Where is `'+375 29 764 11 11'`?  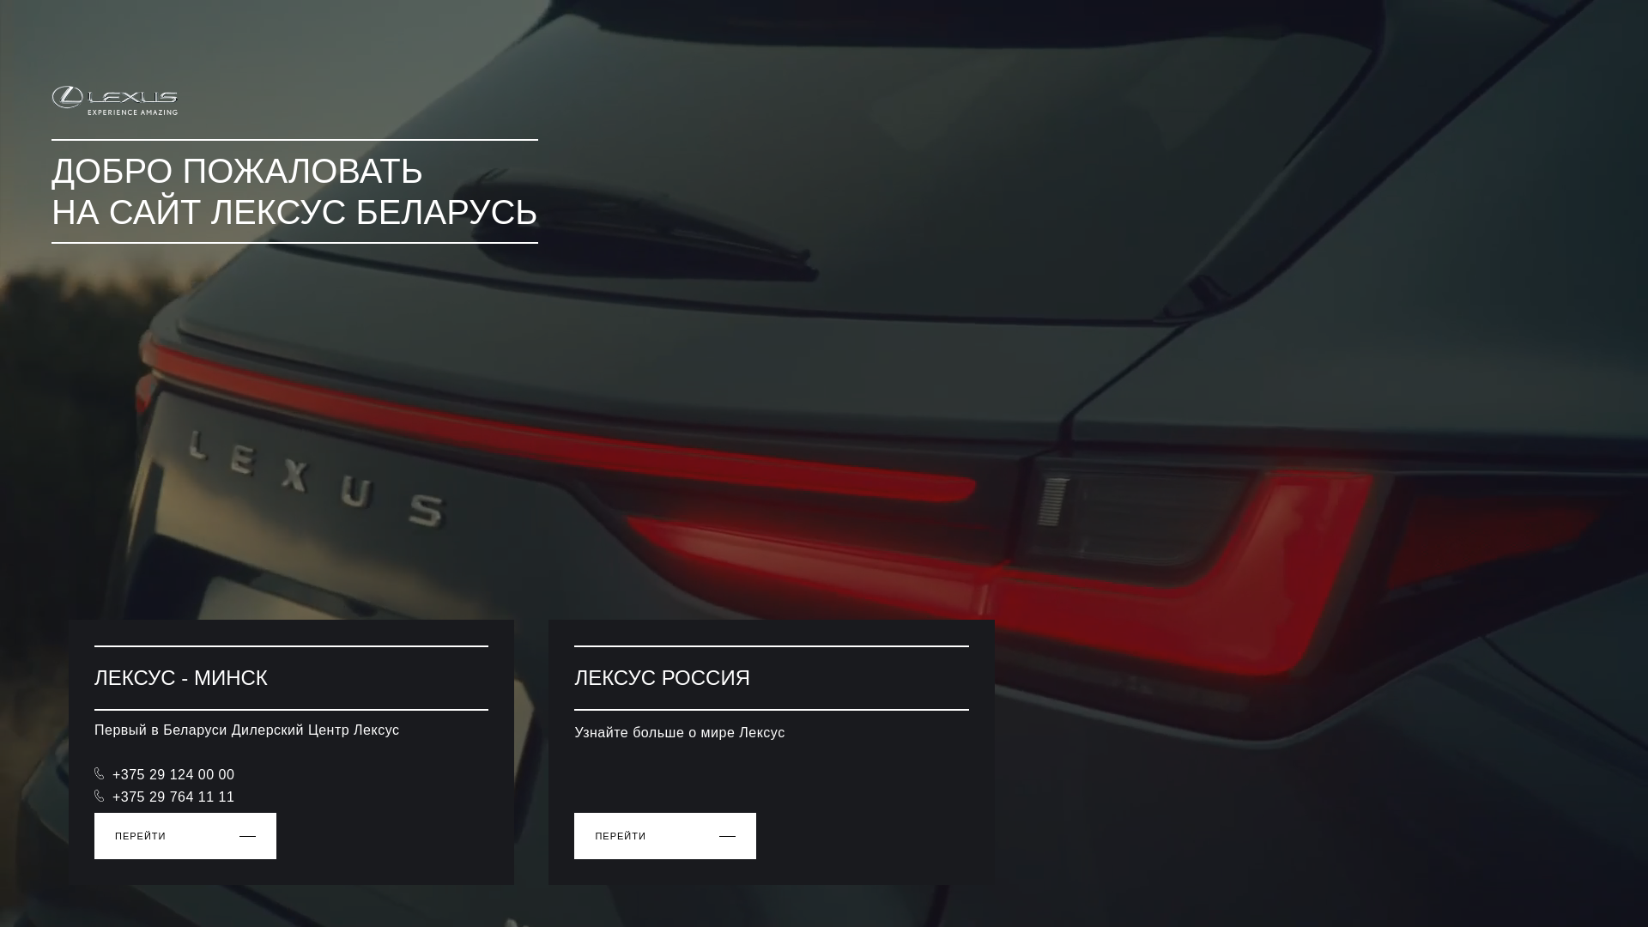
'+375 29 764 11 11' is located at coordinates (164, 797).